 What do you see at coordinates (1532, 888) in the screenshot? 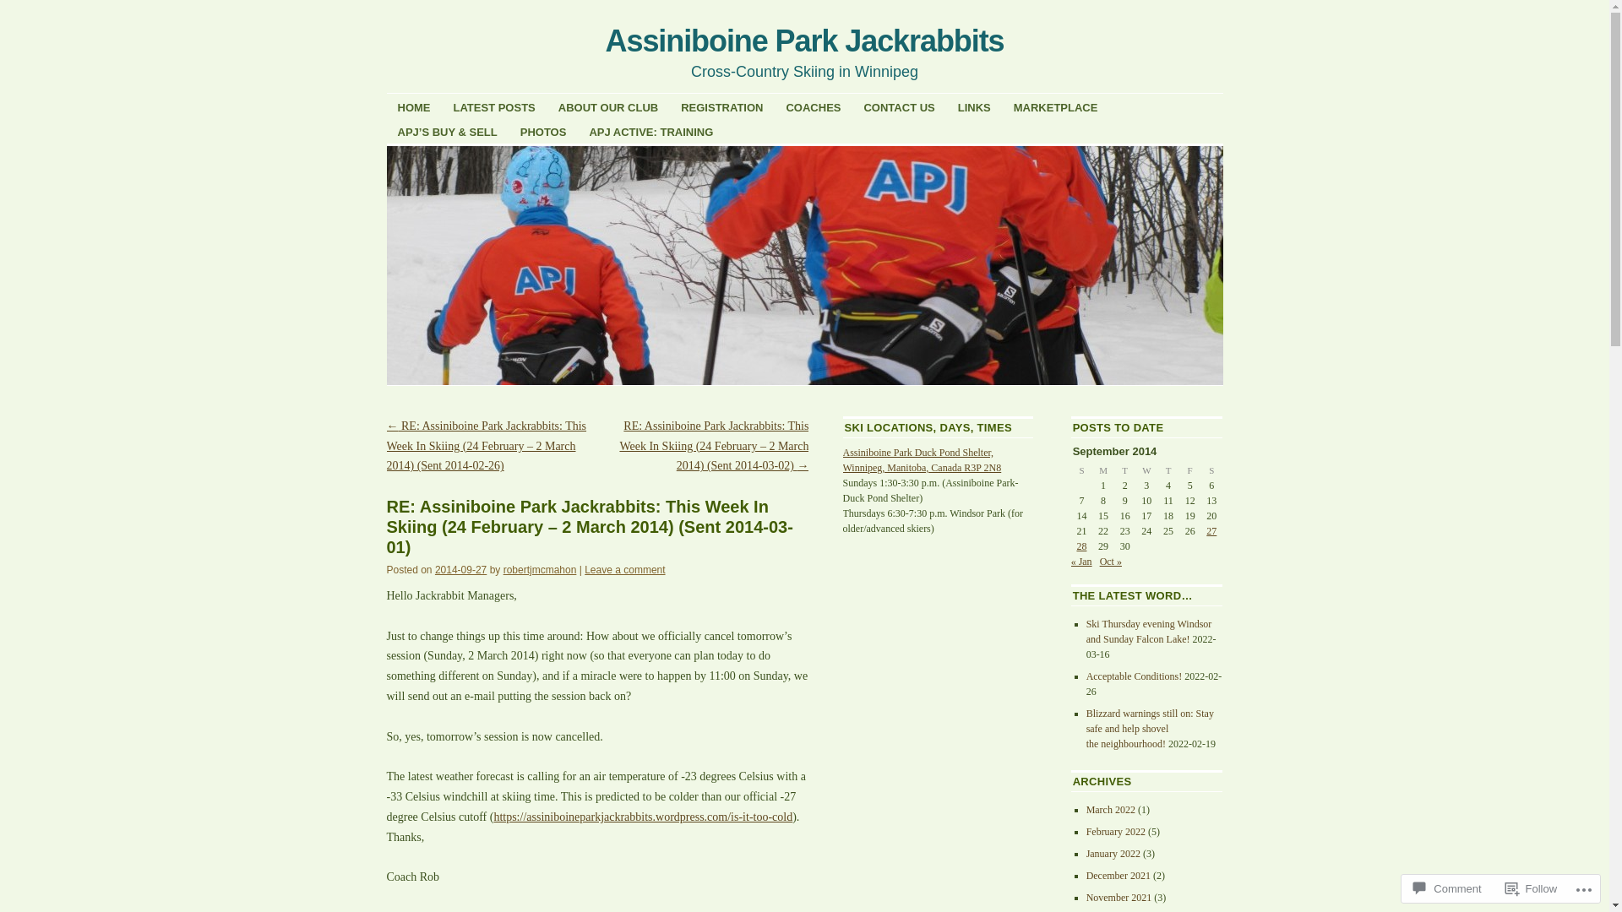
I see `'Follow'` at bounding box center [1532, 888].